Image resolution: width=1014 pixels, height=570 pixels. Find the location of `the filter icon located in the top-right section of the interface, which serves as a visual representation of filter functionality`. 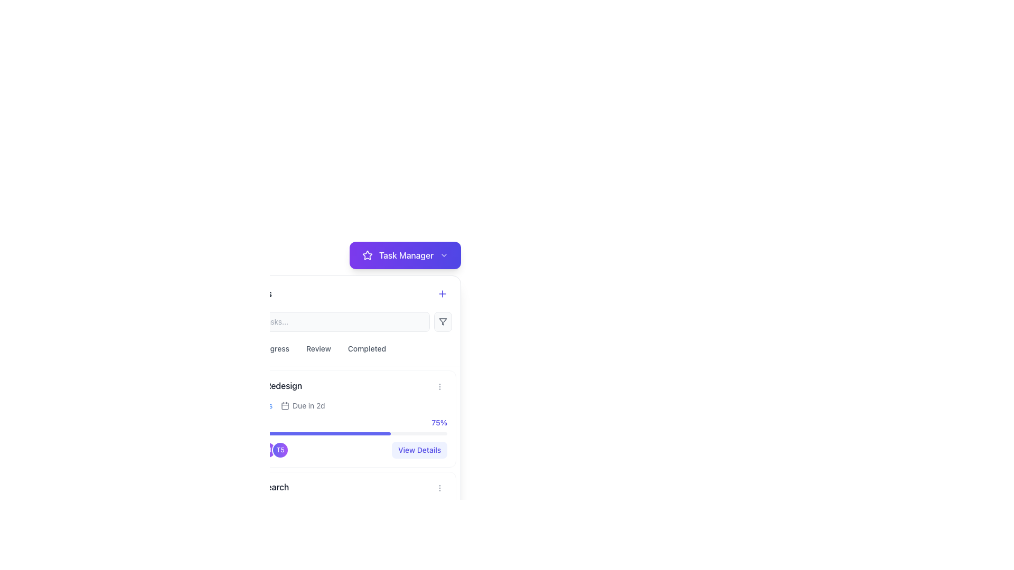

the filter icon located in the top-right section of the interface, which serves as a visual representation of filter functionality is located at coordinates (443, 321).